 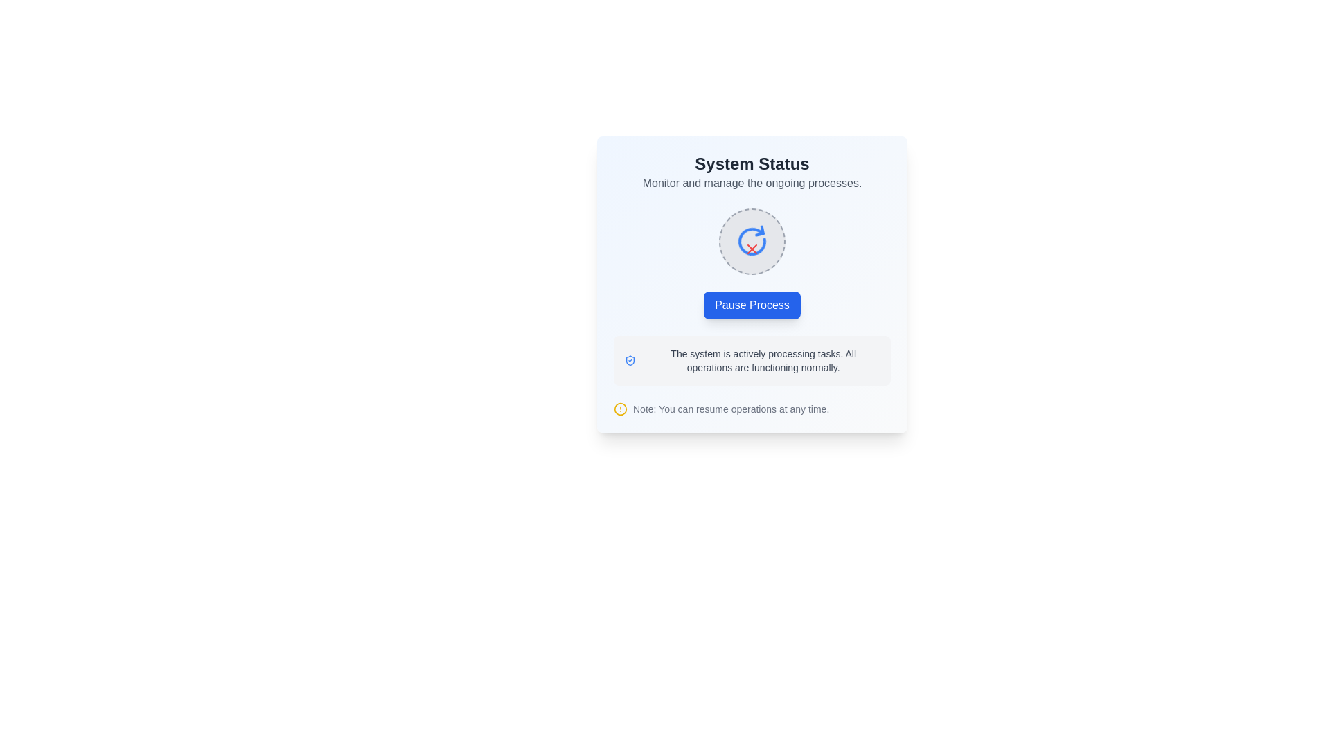 What do you see at coordinates (620, 408) in the screenshot?
I see `the circular alert icon with a yellow outline and transparent center, located at the bottom-left corner of a status card interface` at bounding box center [620, 408].